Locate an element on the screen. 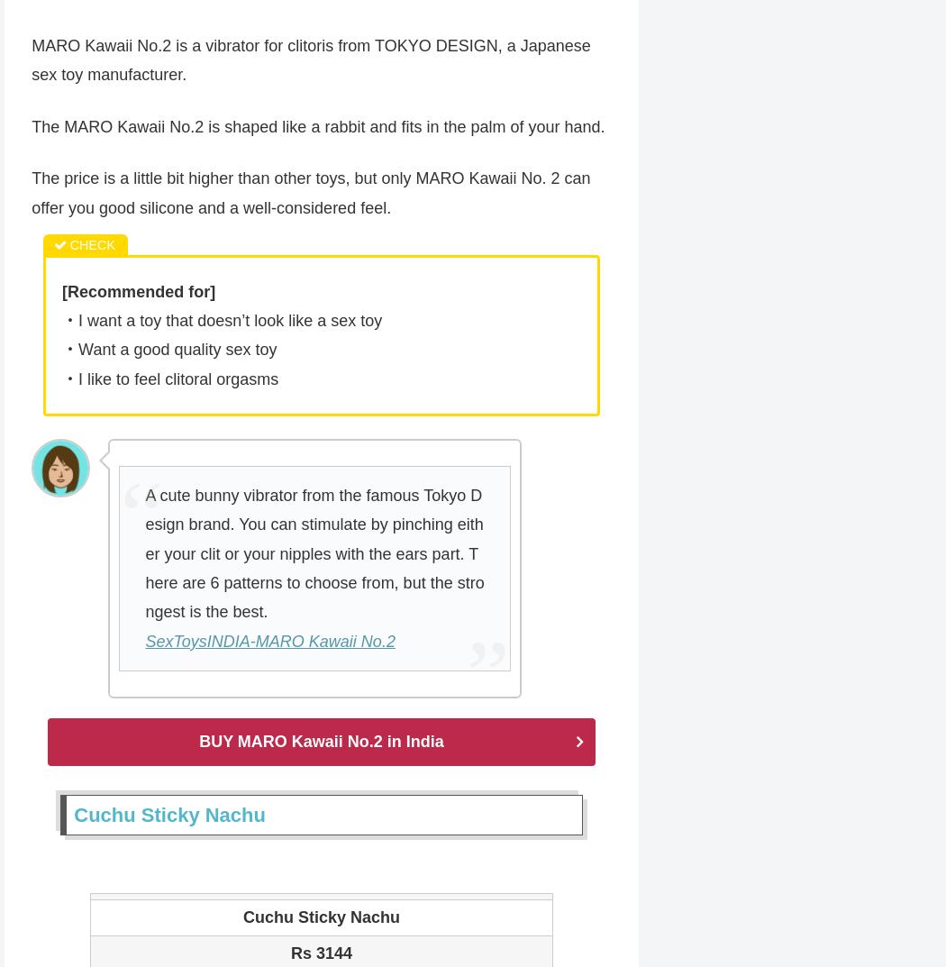 Image resolution: width=946 pixels, height=967 pixels. 'MARO Kawaii No.2 is a vibrator for clitoris from TOKYO DESIGN, a Japanese sex toy manufacturer.' is located at coordinates (31, 61).